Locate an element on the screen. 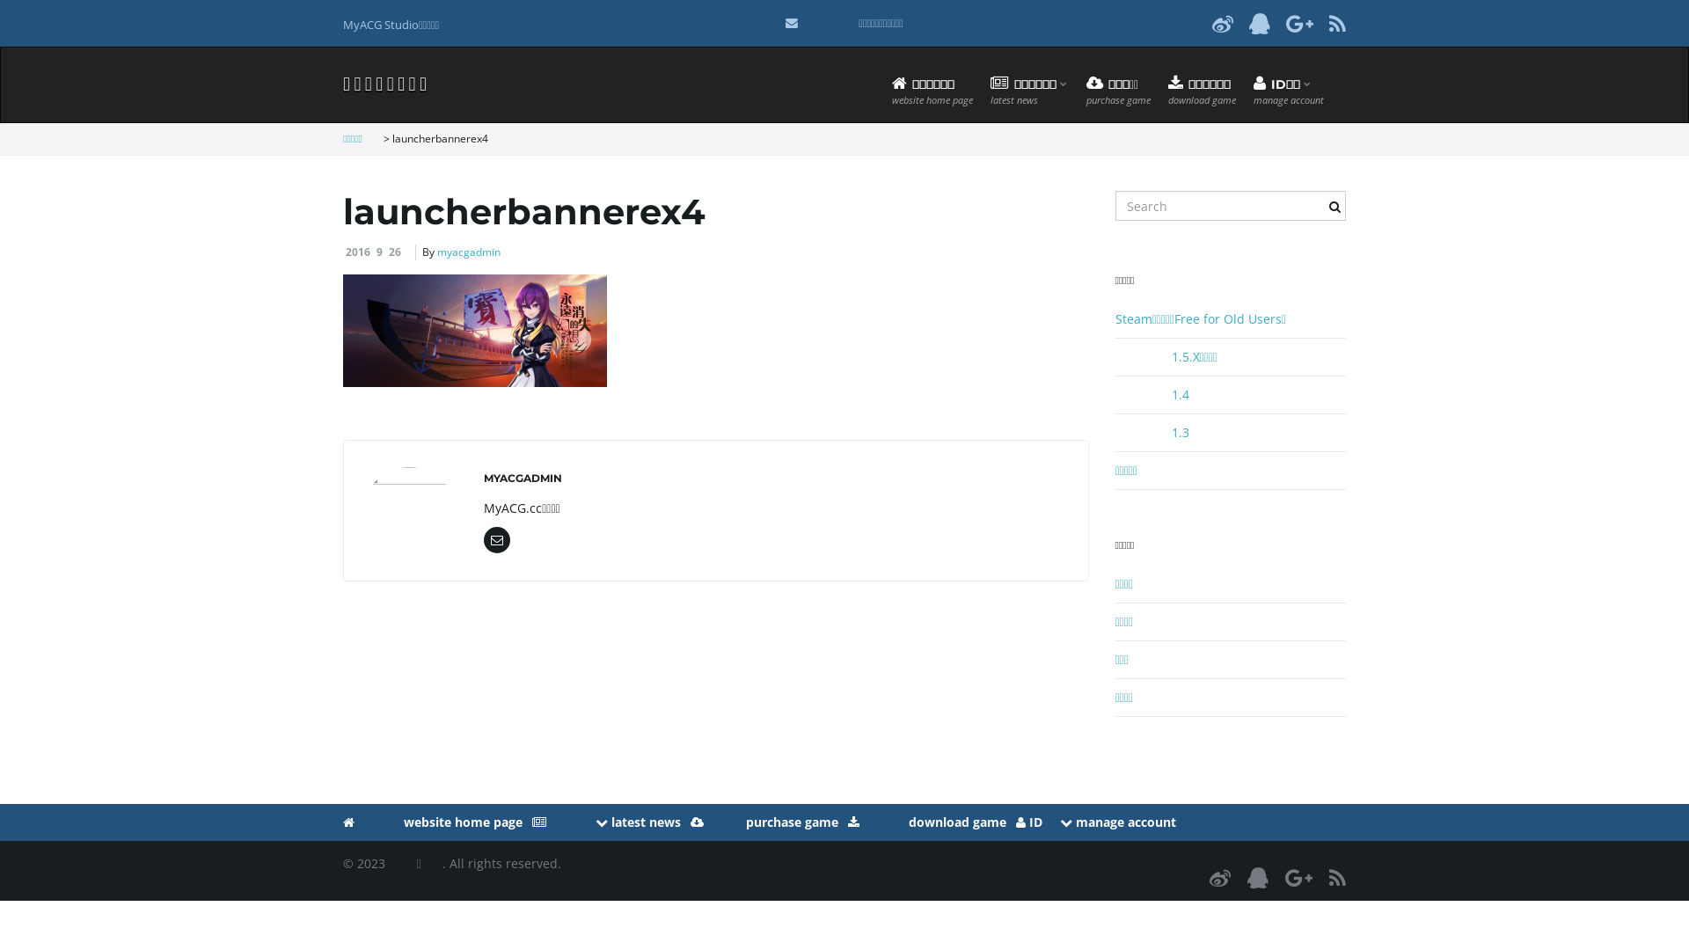 This screenshot has width=1689, height=950. 'Subscribe MyACG Studio RSS' is located at coordinates (1337, 23).